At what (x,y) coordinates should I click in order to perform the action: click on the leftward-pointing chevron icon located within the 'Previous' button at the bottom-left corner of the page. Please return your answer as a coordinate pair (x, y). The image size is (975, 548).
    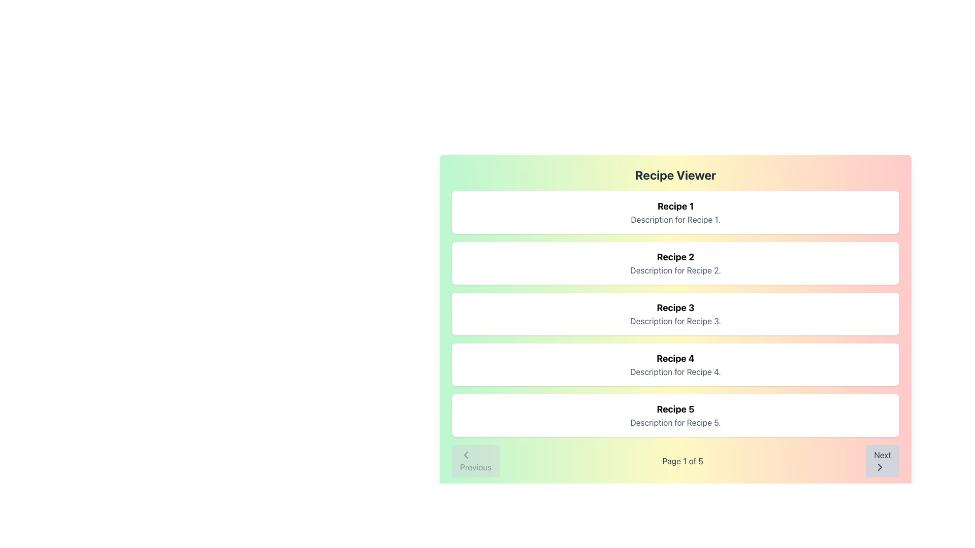
    Looking at the image, I should click on (465, 455).